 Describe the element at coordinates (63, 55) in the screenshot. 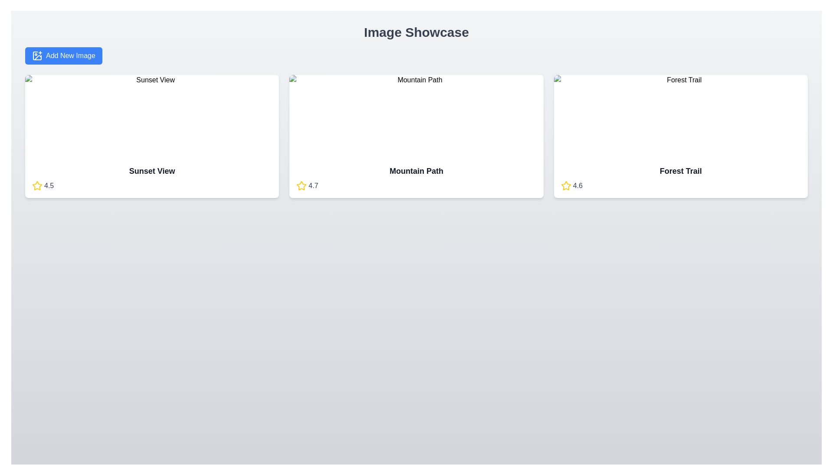

I see `the blue rectangular button labeled 'Add New Image'` at that location.